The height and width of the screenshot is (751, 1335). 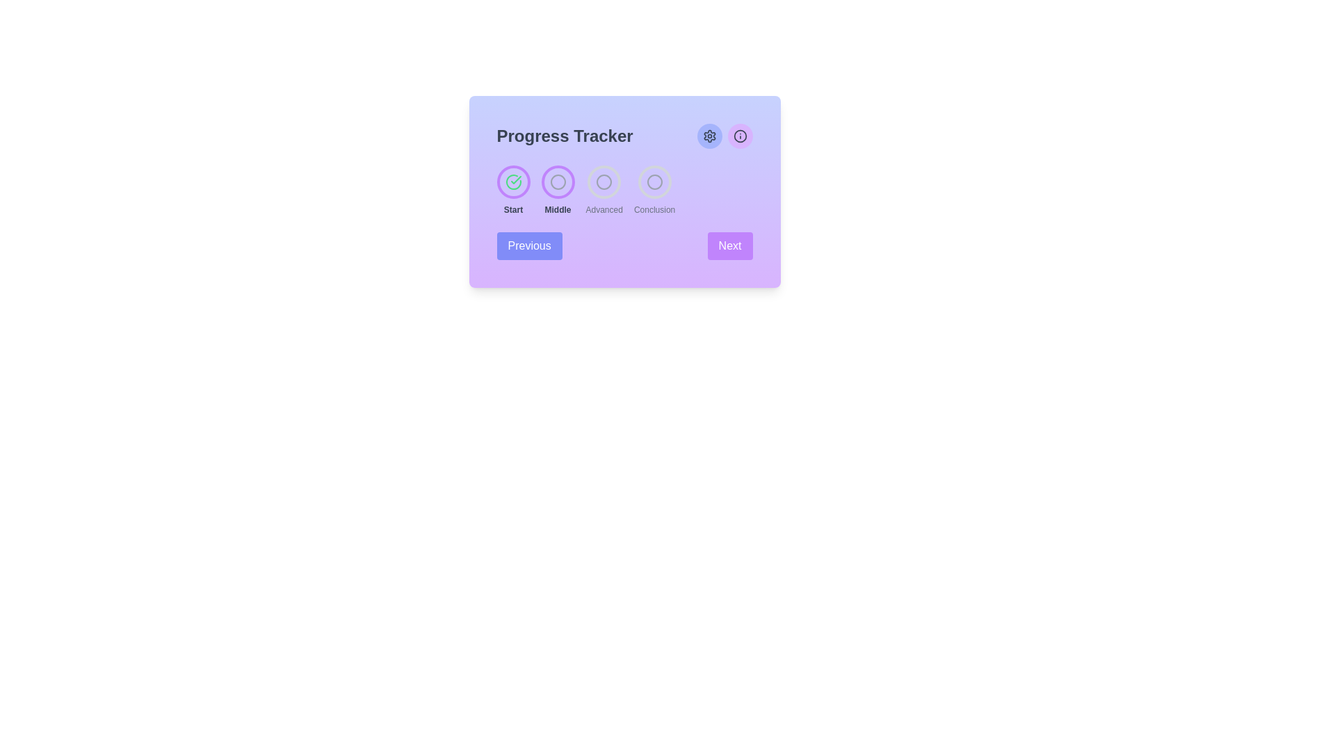 I want to click on the progress status across the four labeled circular progress indicators in the 'Progress Tracker' widget, which includes 'Start', 'Middle', 'Advanced', and 'Conclusion', so click(x=624, y=190).